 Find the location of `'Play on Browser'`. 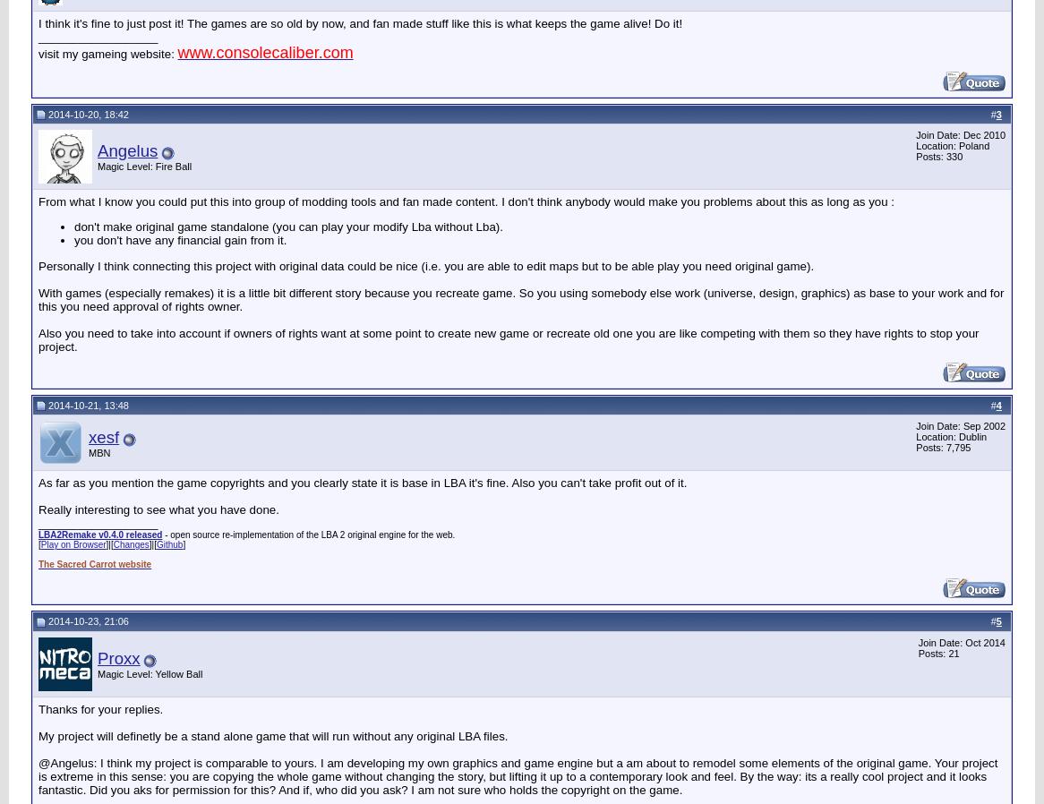

'Play on Browser' is located at coordinates (72, 543).